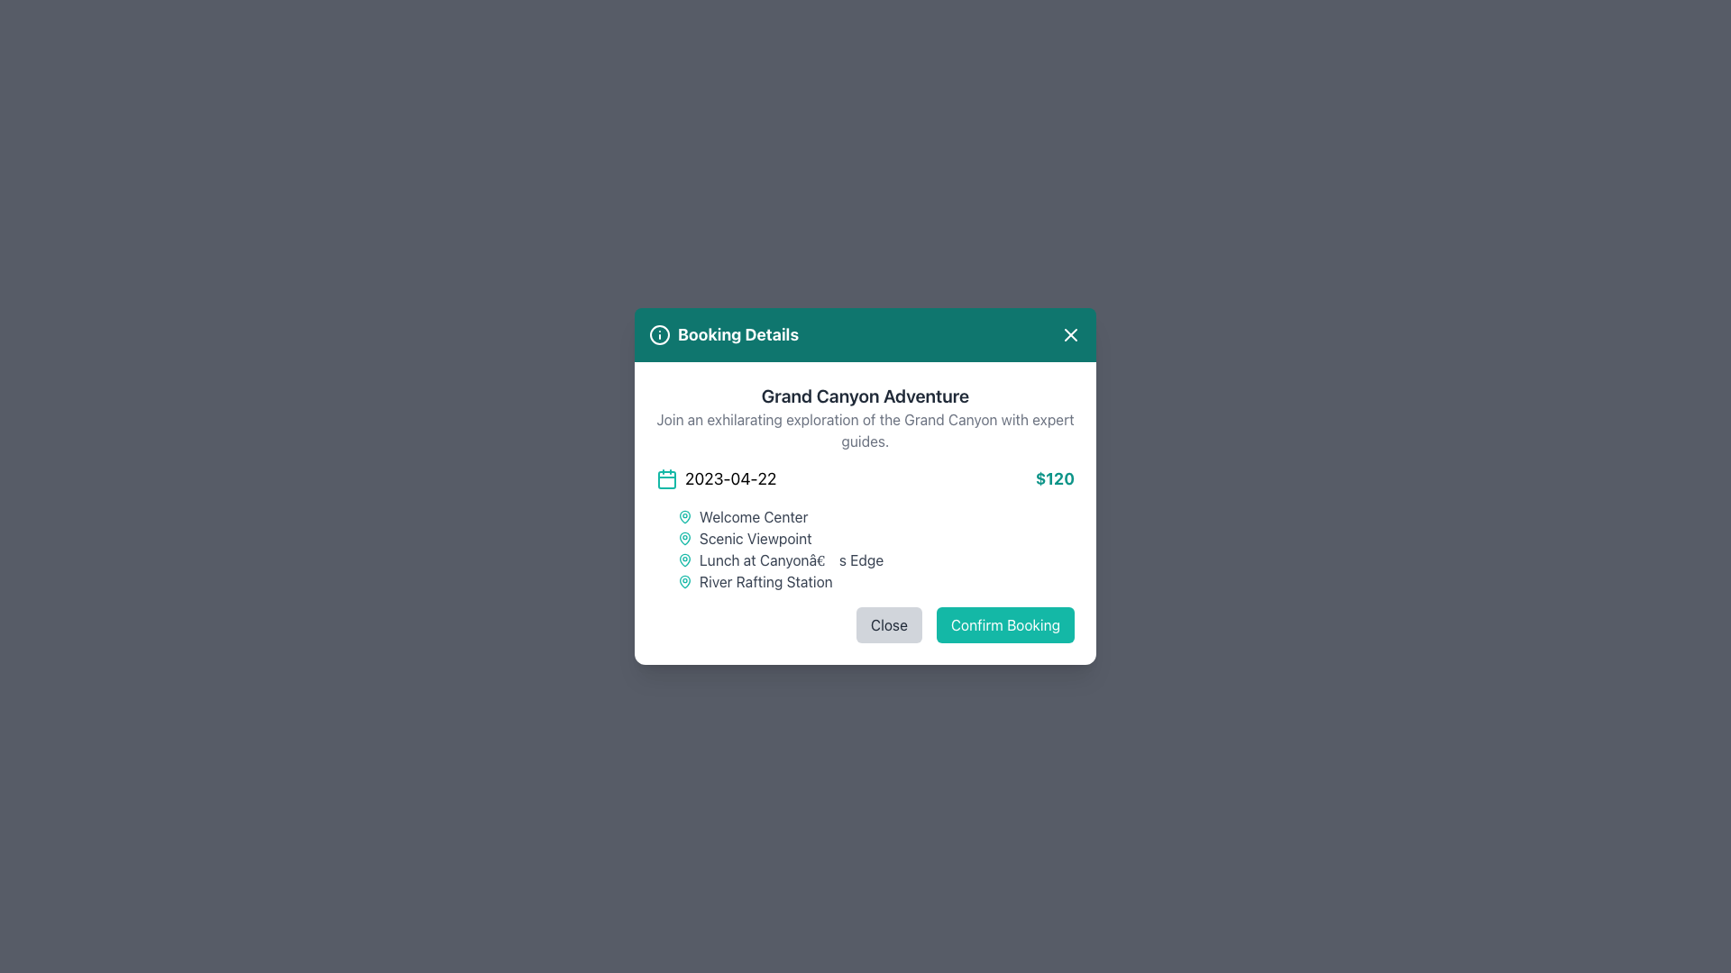 Image resolution: width=1731 pixels, height=973 pixels. Describe the element at coordinates (1071, 334) in the screenshot. I see `the close (X) button located at the top-right corner of the 'Booking Details' modal` at that location.